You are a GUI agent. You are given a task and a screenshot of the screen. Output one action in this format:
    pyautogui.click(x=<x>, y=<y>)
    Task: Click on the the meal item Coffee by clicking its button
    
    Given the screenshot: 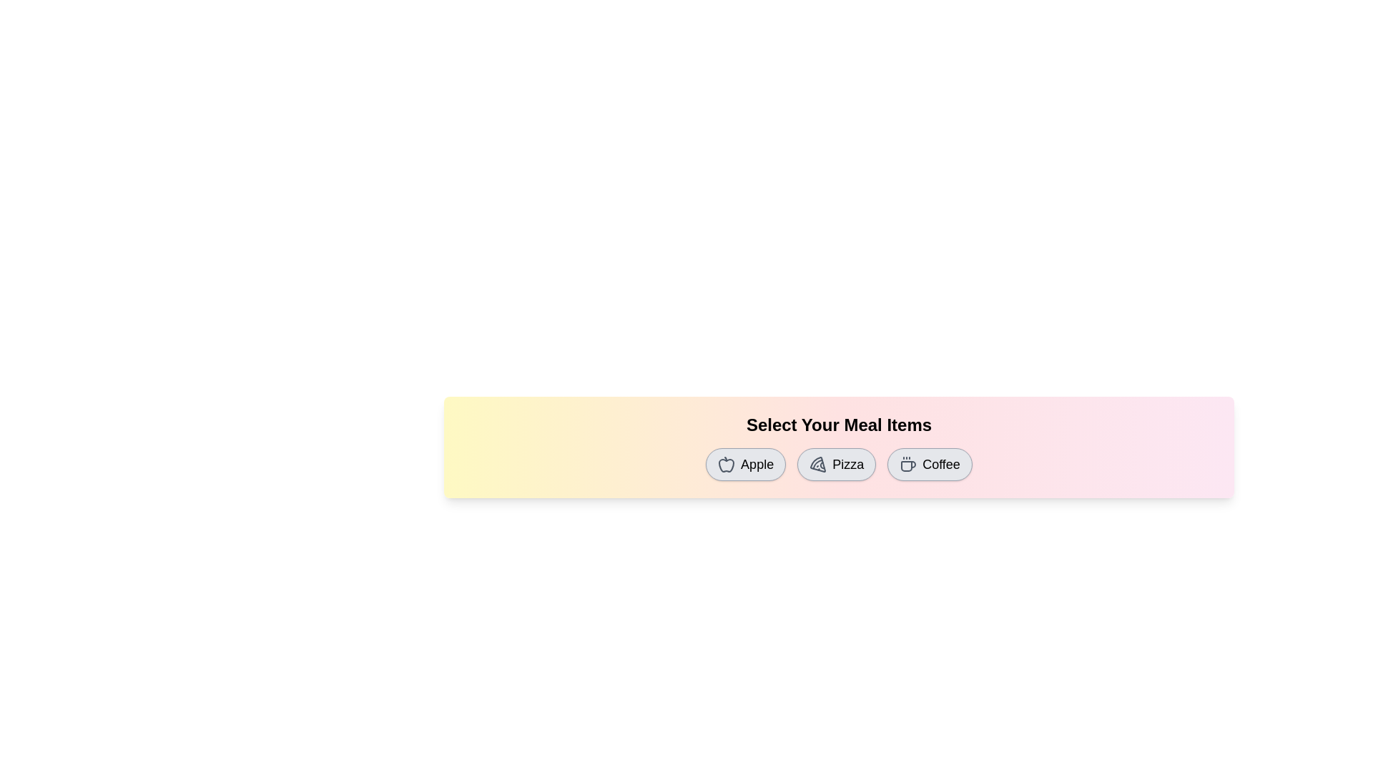 What is the action you would take?
    pyautogui.click(x=930, y=465)
    